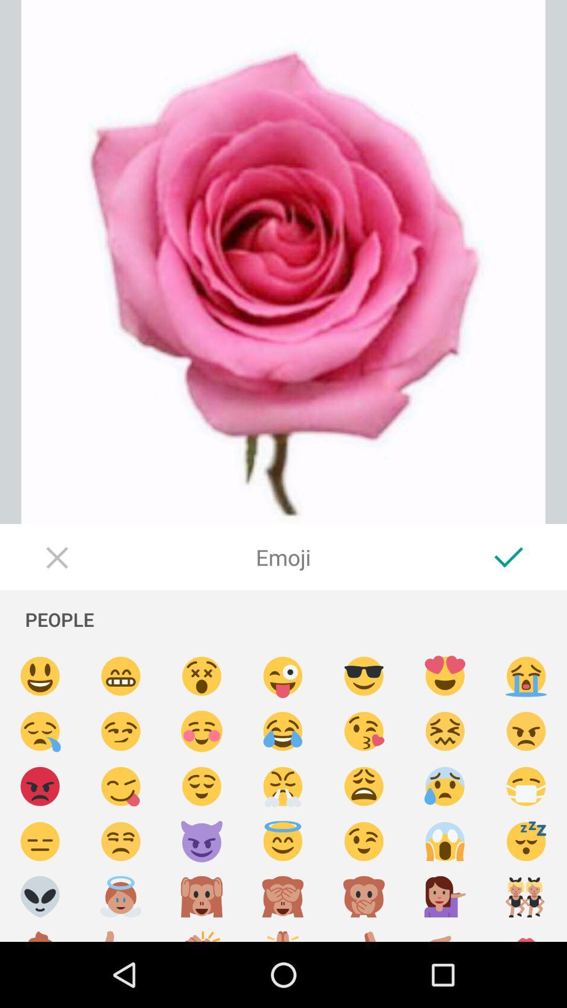 The height and width of the screenshot is (1008, 567). I want to click on emoji, so click(282, 731).